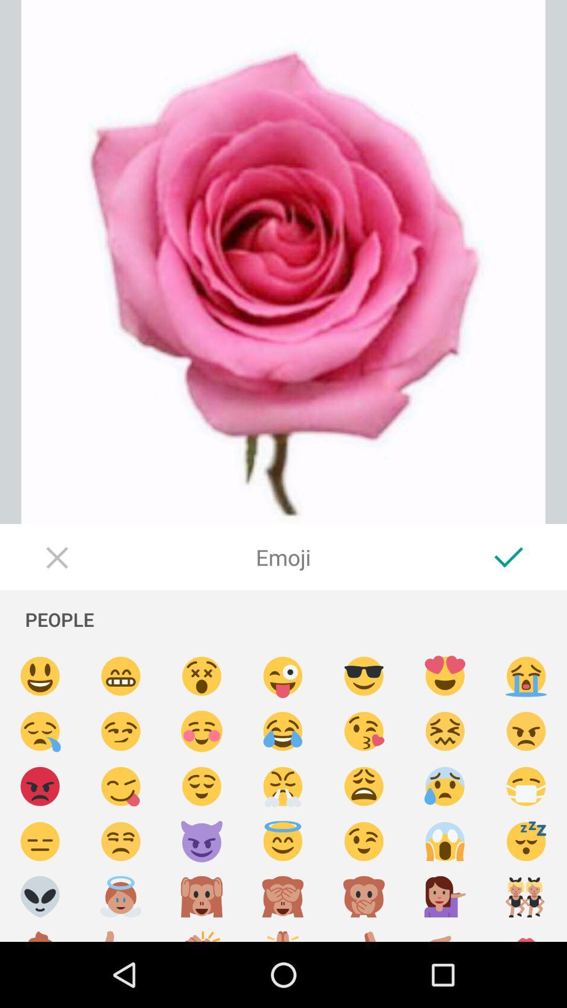 The height and width of the screenshot is (1008, 567). I want to click on emoji, so click(282, 731).